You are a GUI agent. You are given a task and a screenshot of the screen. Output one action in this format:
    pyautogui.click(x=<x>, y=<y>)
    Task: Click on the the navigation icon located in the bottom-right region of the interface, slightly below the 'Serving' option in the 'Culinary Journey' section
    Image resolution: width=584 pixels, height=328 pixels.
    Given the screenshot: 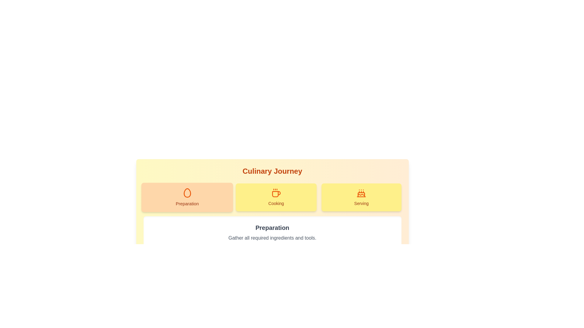 What is the action you would take?
    pyautogui.click(x=393, y=262)
    